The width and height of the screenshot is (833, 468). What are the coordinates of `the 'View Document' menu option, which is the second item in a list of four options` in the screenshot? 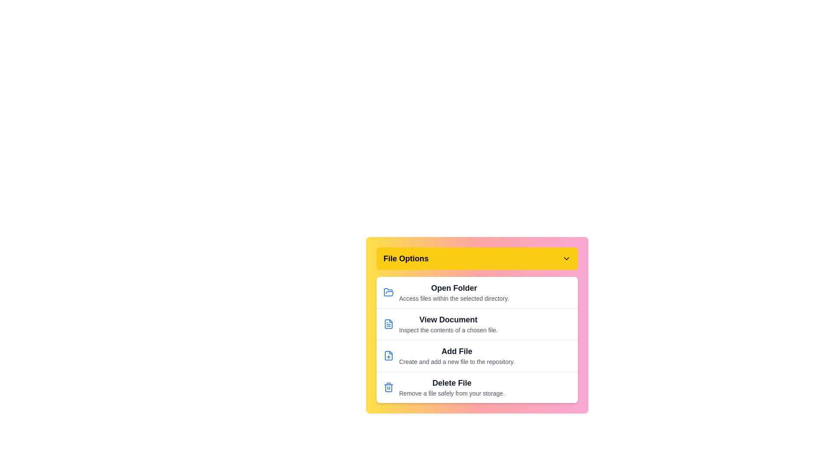 It's located at (476, 325).